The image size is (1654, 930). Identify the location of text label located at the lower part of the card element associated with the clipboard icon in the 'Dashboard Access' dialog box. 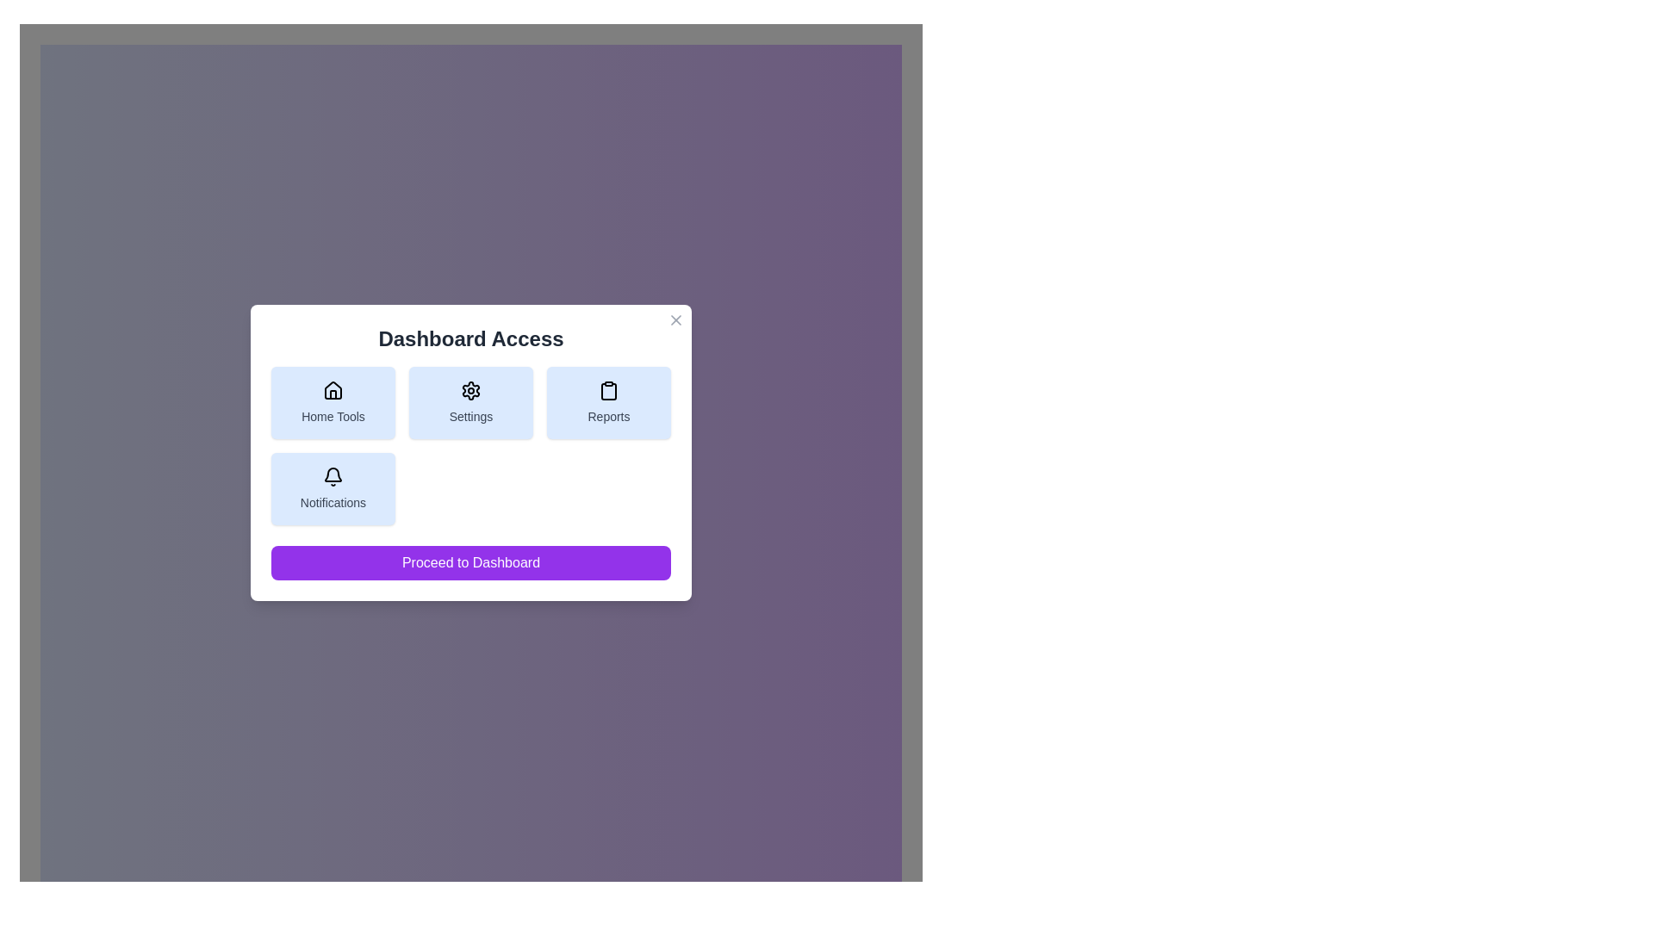
(608, 416).